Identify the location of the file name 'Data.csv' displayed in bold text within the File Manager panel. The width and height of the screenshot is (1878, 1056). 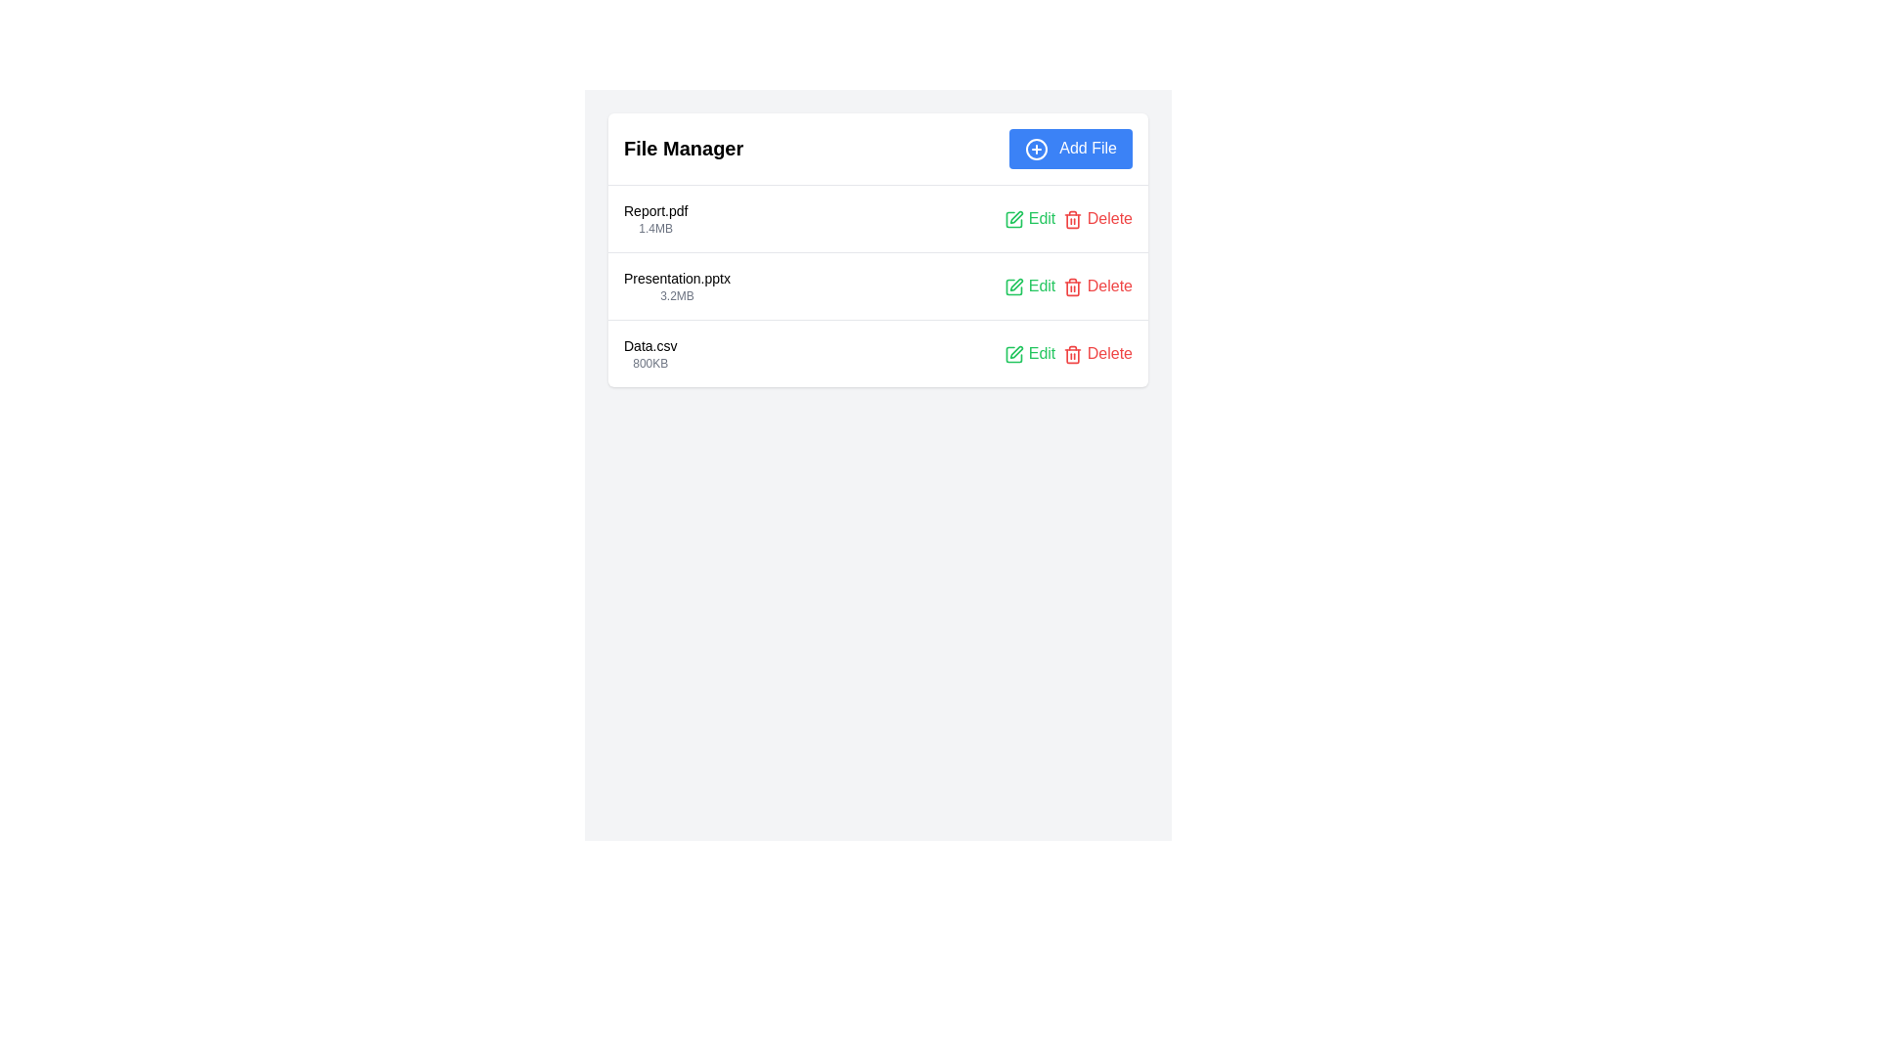
(650, 344).